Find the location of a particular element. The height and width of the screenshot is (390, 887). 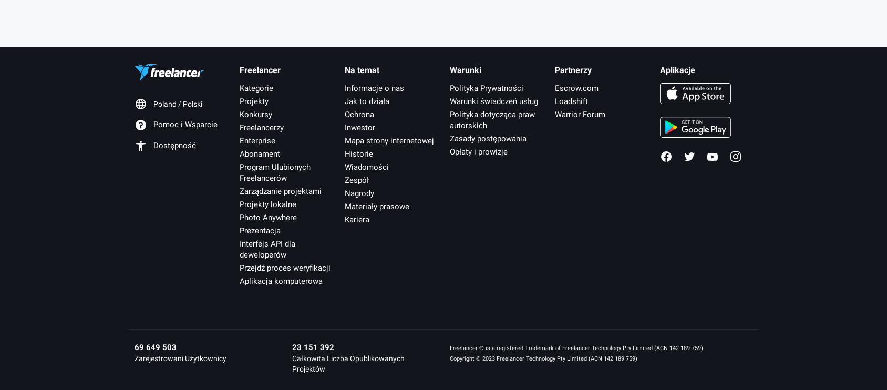

'Kategorie' is located at coordinates (256, 87).